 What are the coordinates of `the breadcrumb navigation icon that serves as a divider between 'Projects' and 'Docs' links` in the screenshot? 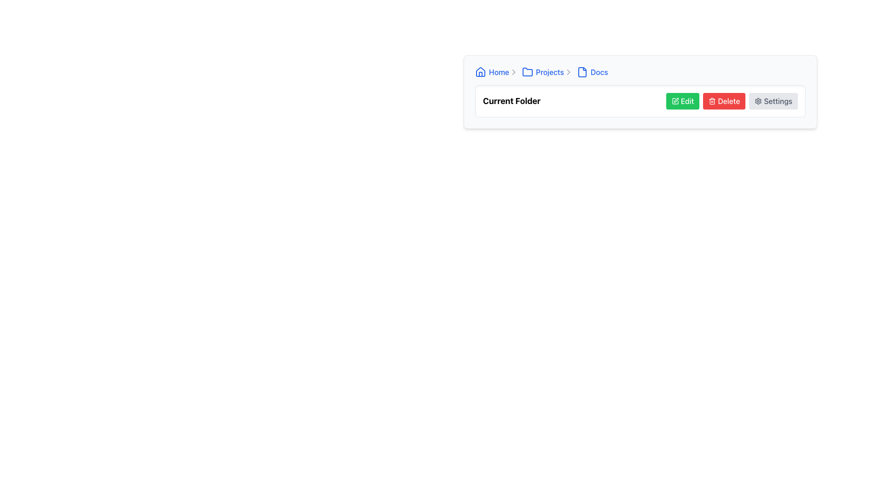 It's located at (513, 72).